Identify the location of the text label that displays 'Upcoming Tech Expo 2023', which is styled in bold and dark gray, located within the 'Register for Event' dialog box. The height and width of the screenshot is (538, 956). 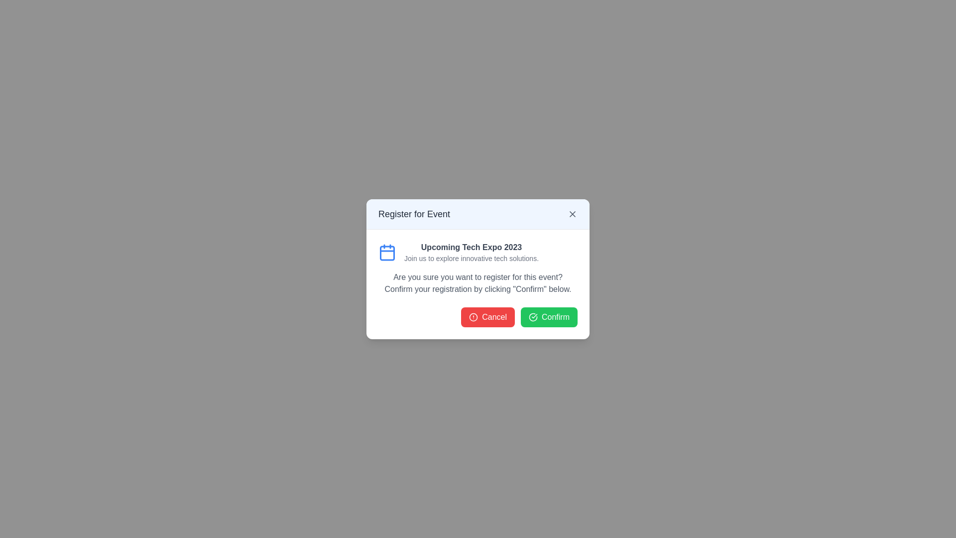
(471, 247).